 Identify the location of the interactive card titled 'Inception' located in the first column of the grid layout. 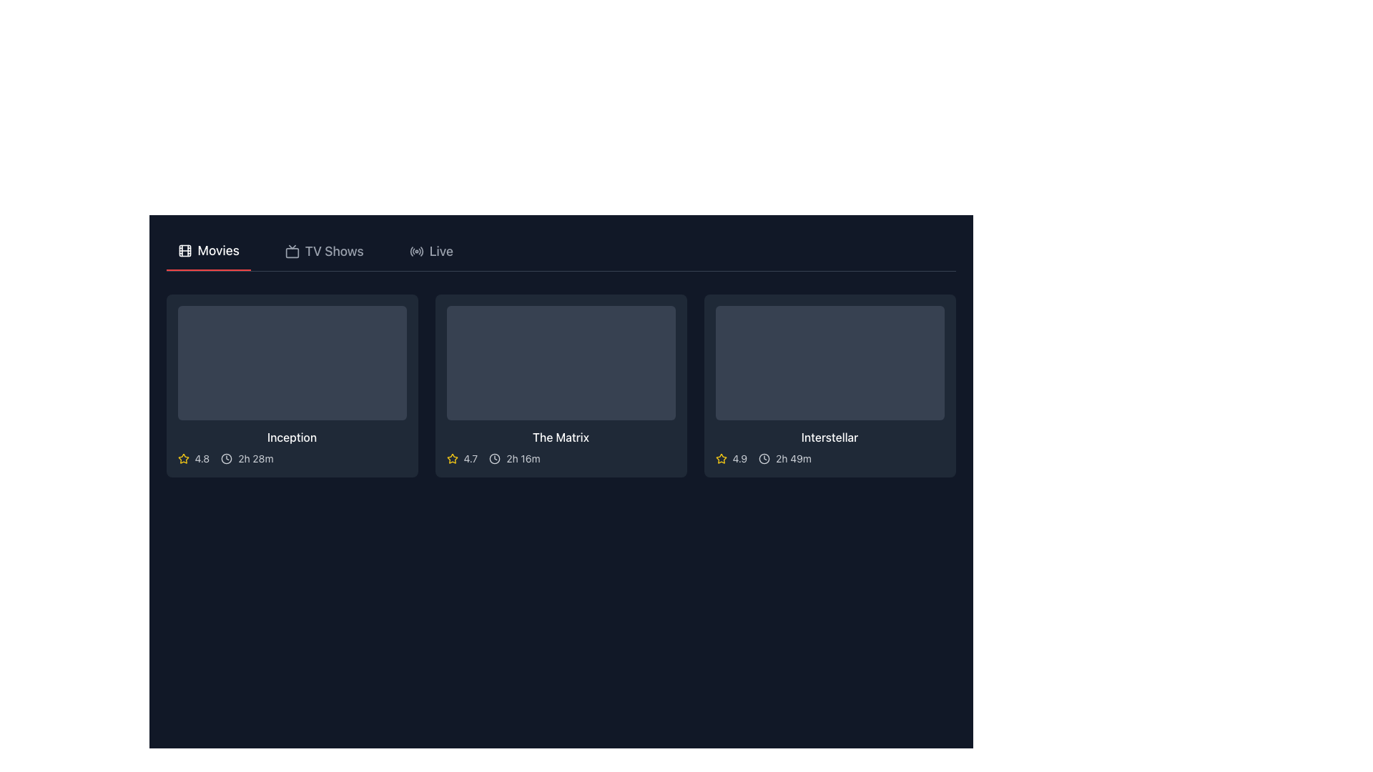
(291, 386).